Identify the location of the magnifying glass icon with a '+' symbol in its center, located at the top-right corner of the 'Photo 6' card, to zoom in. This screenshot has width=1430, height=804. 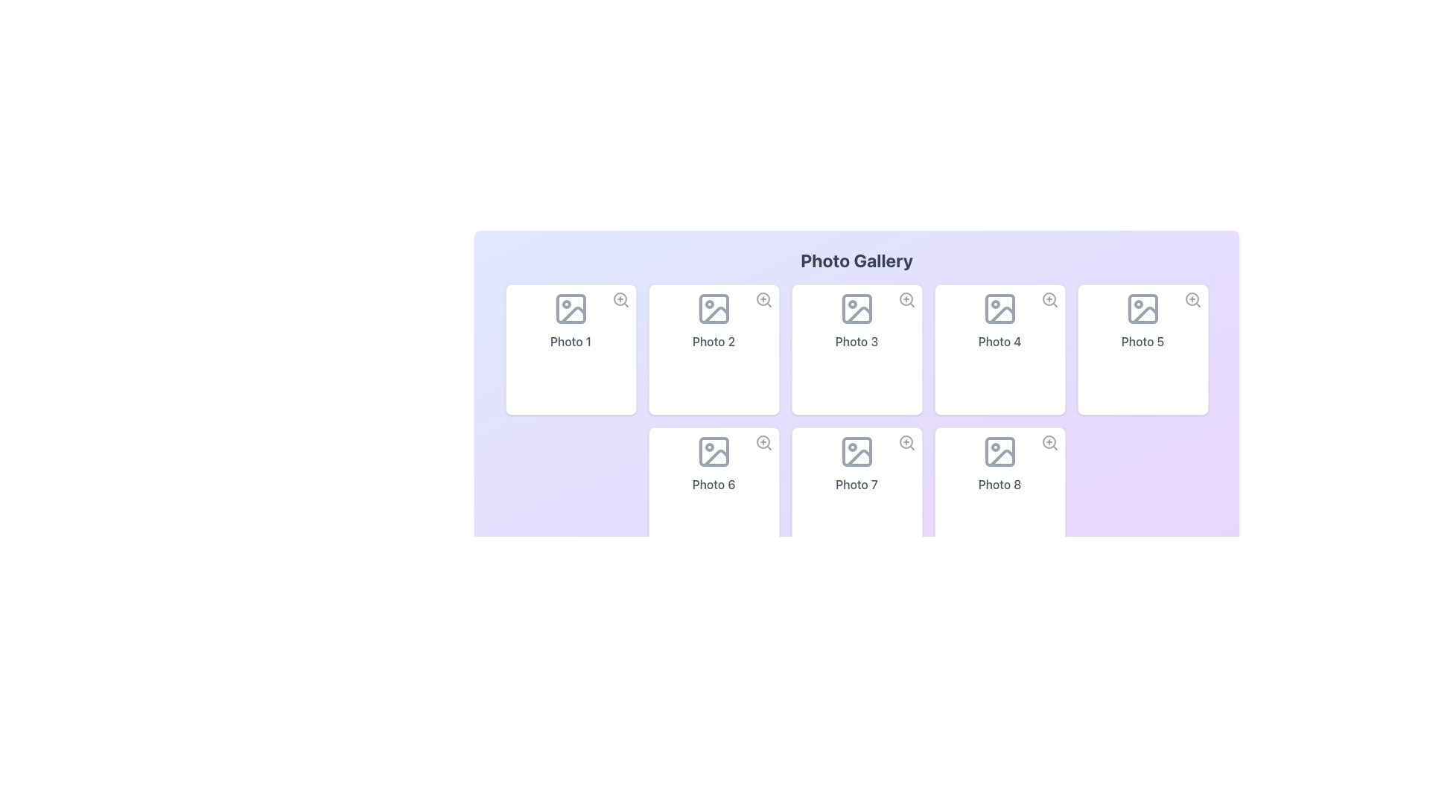
(763, 441).